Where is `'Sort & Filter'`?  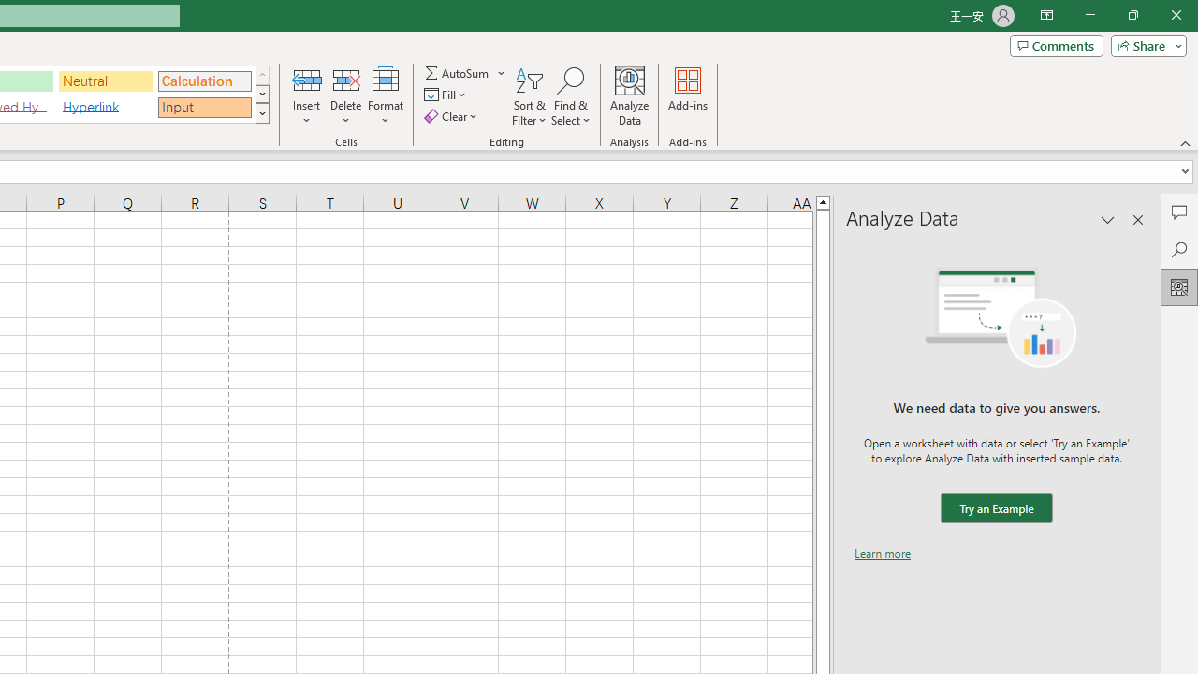
'Sort & Filter' is located at coordinates (529, 96).